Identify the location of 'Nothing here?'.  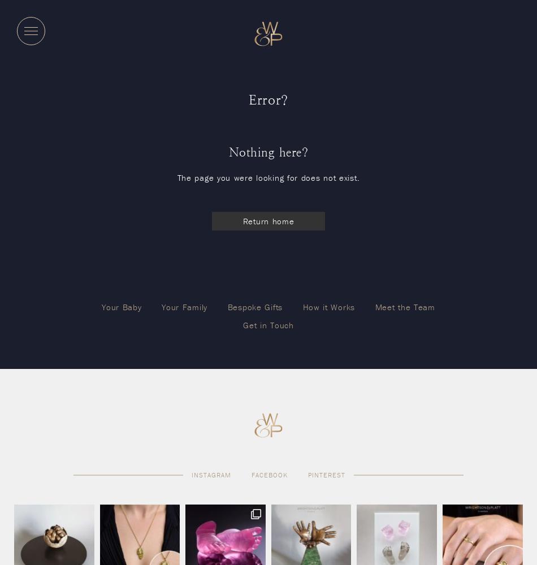
(228, 152).